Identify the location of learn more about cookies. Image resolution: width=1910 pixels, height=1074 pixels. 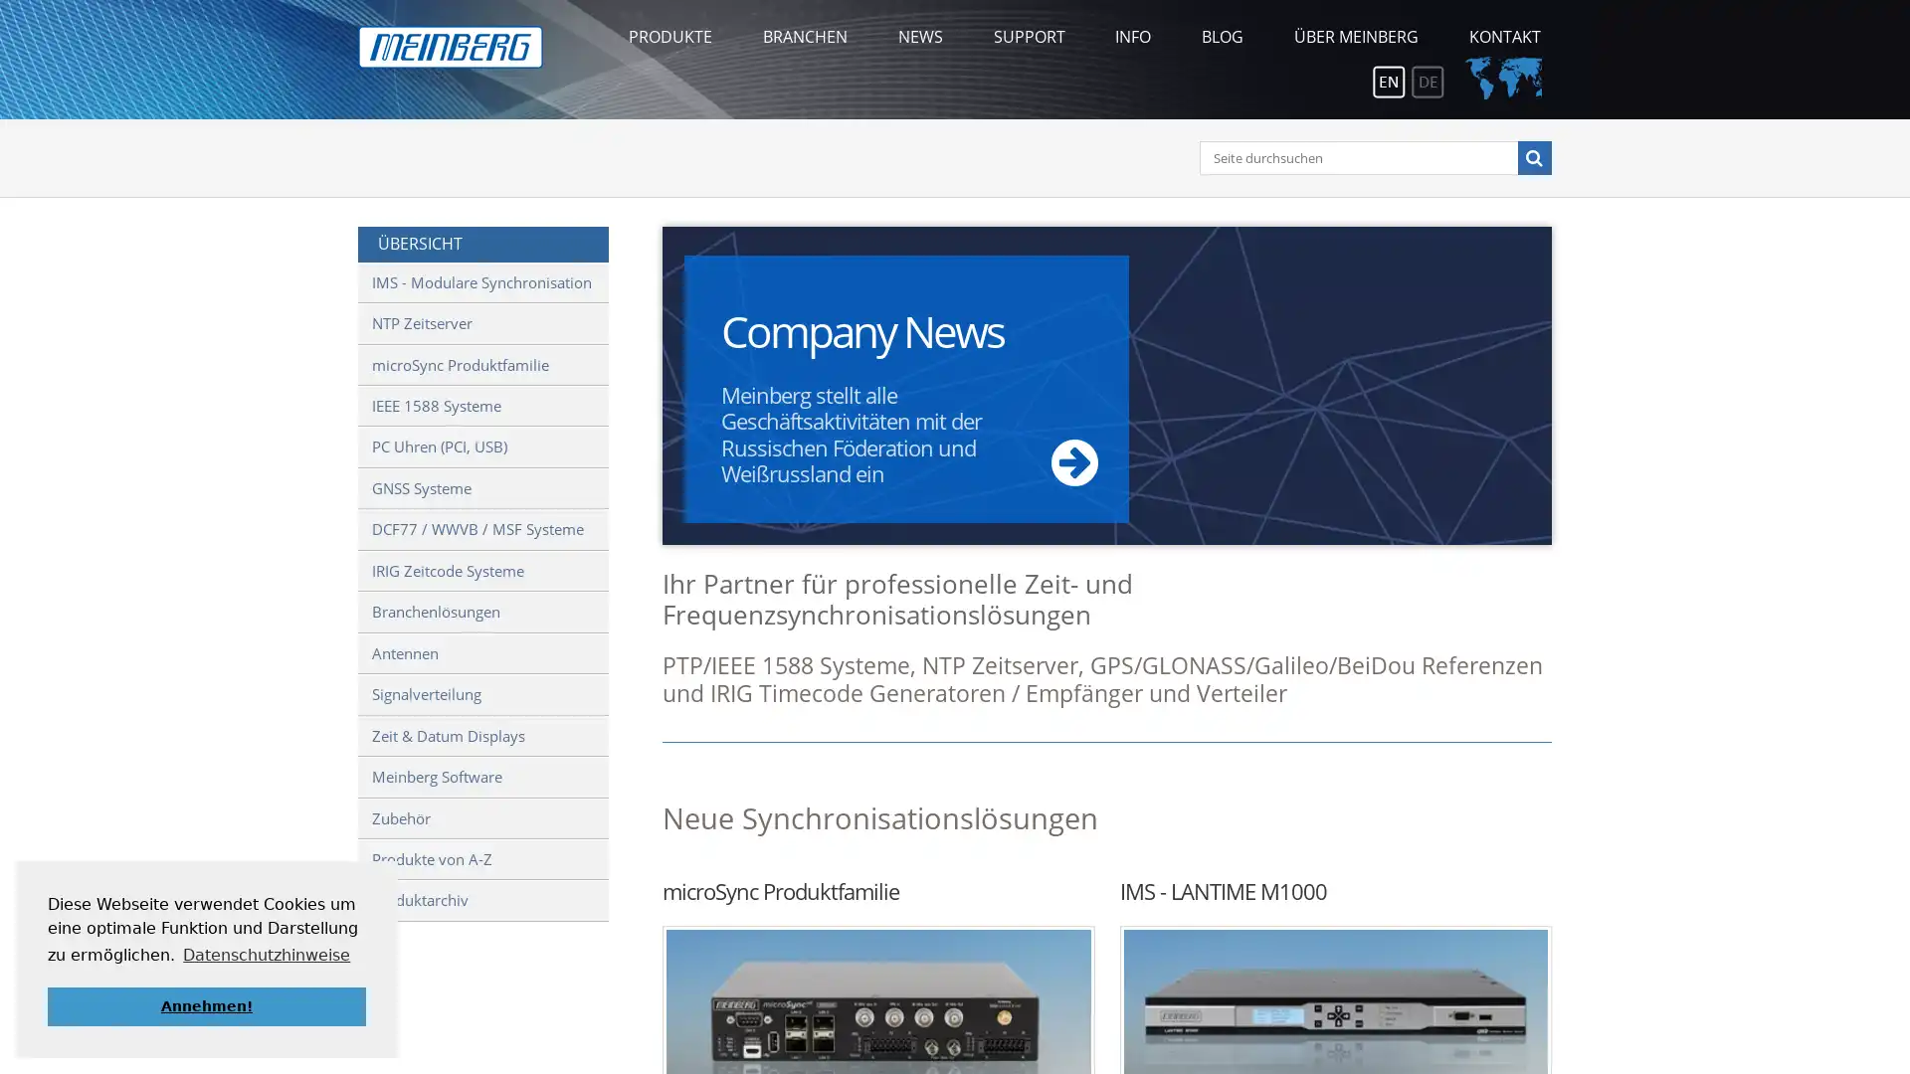
(266, 954).